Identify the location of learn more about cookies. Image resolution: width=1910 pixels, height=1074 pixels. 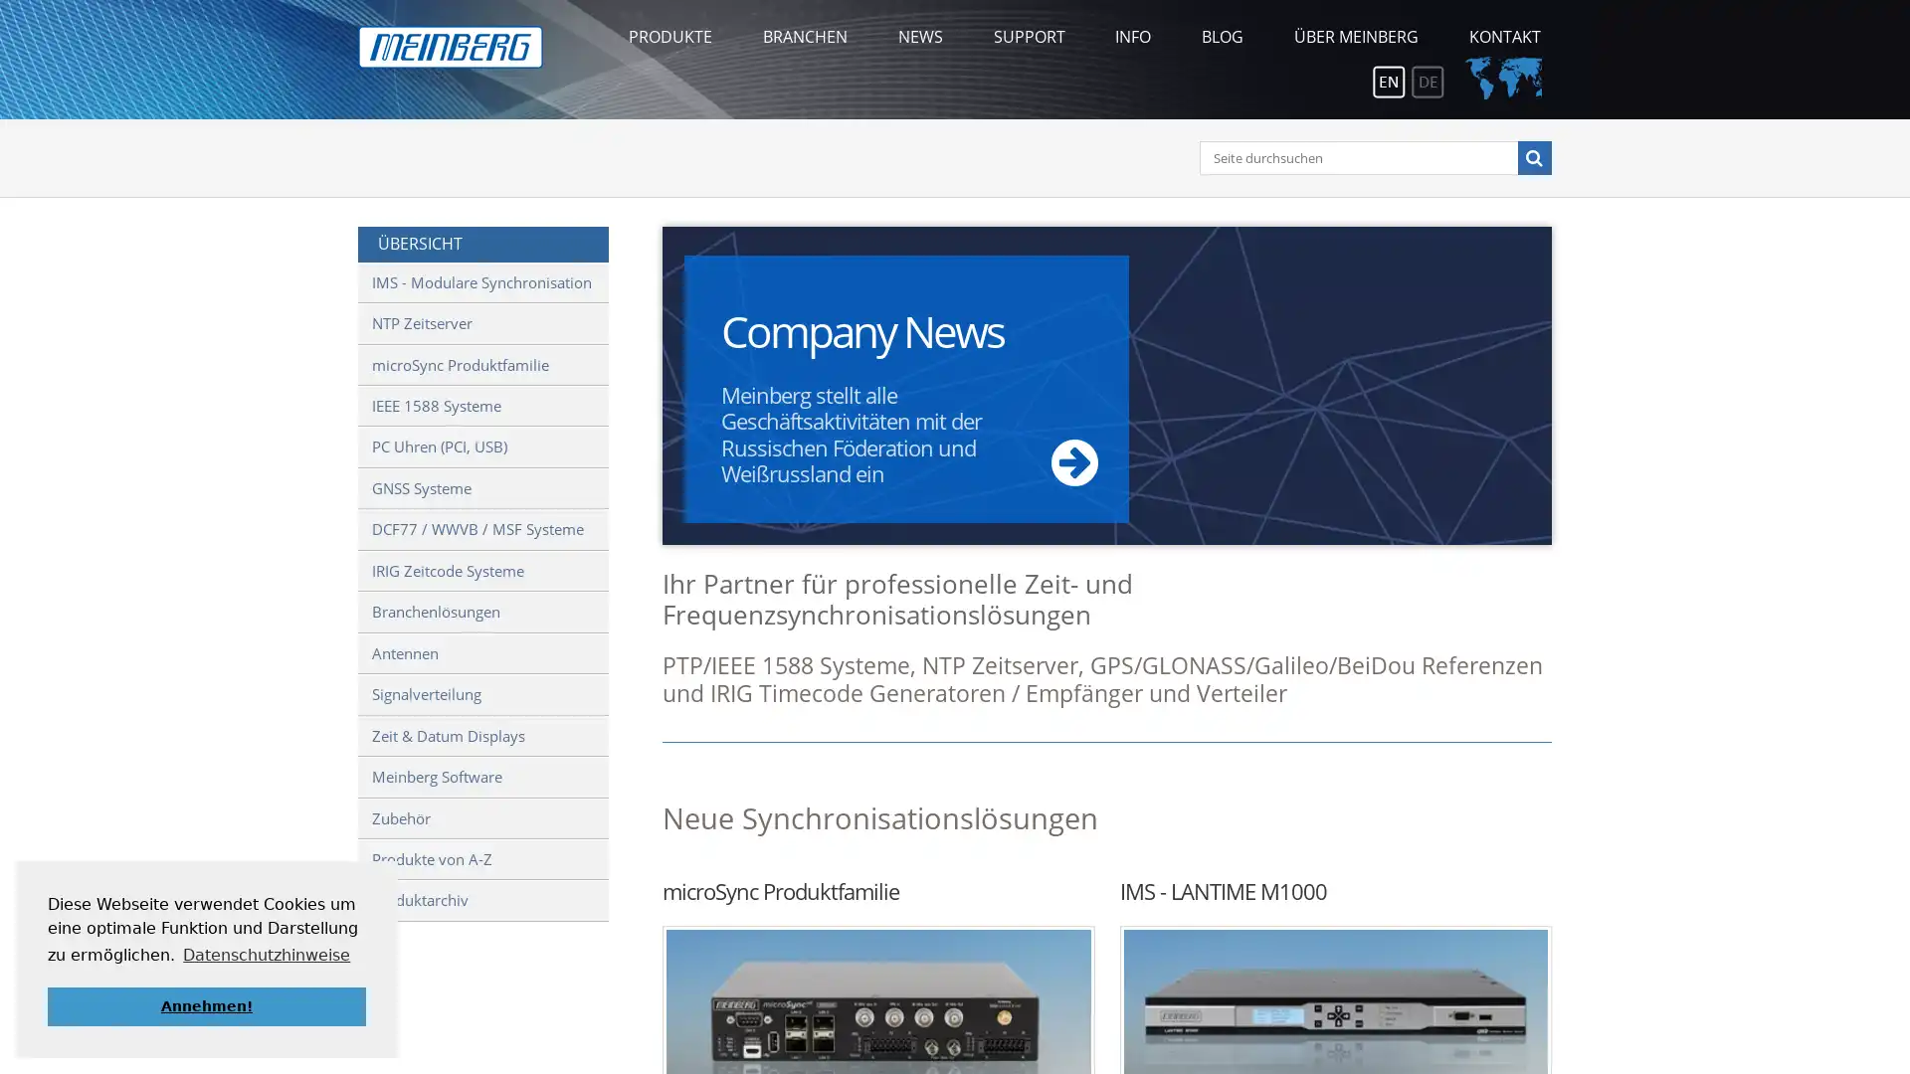
(266, 954).